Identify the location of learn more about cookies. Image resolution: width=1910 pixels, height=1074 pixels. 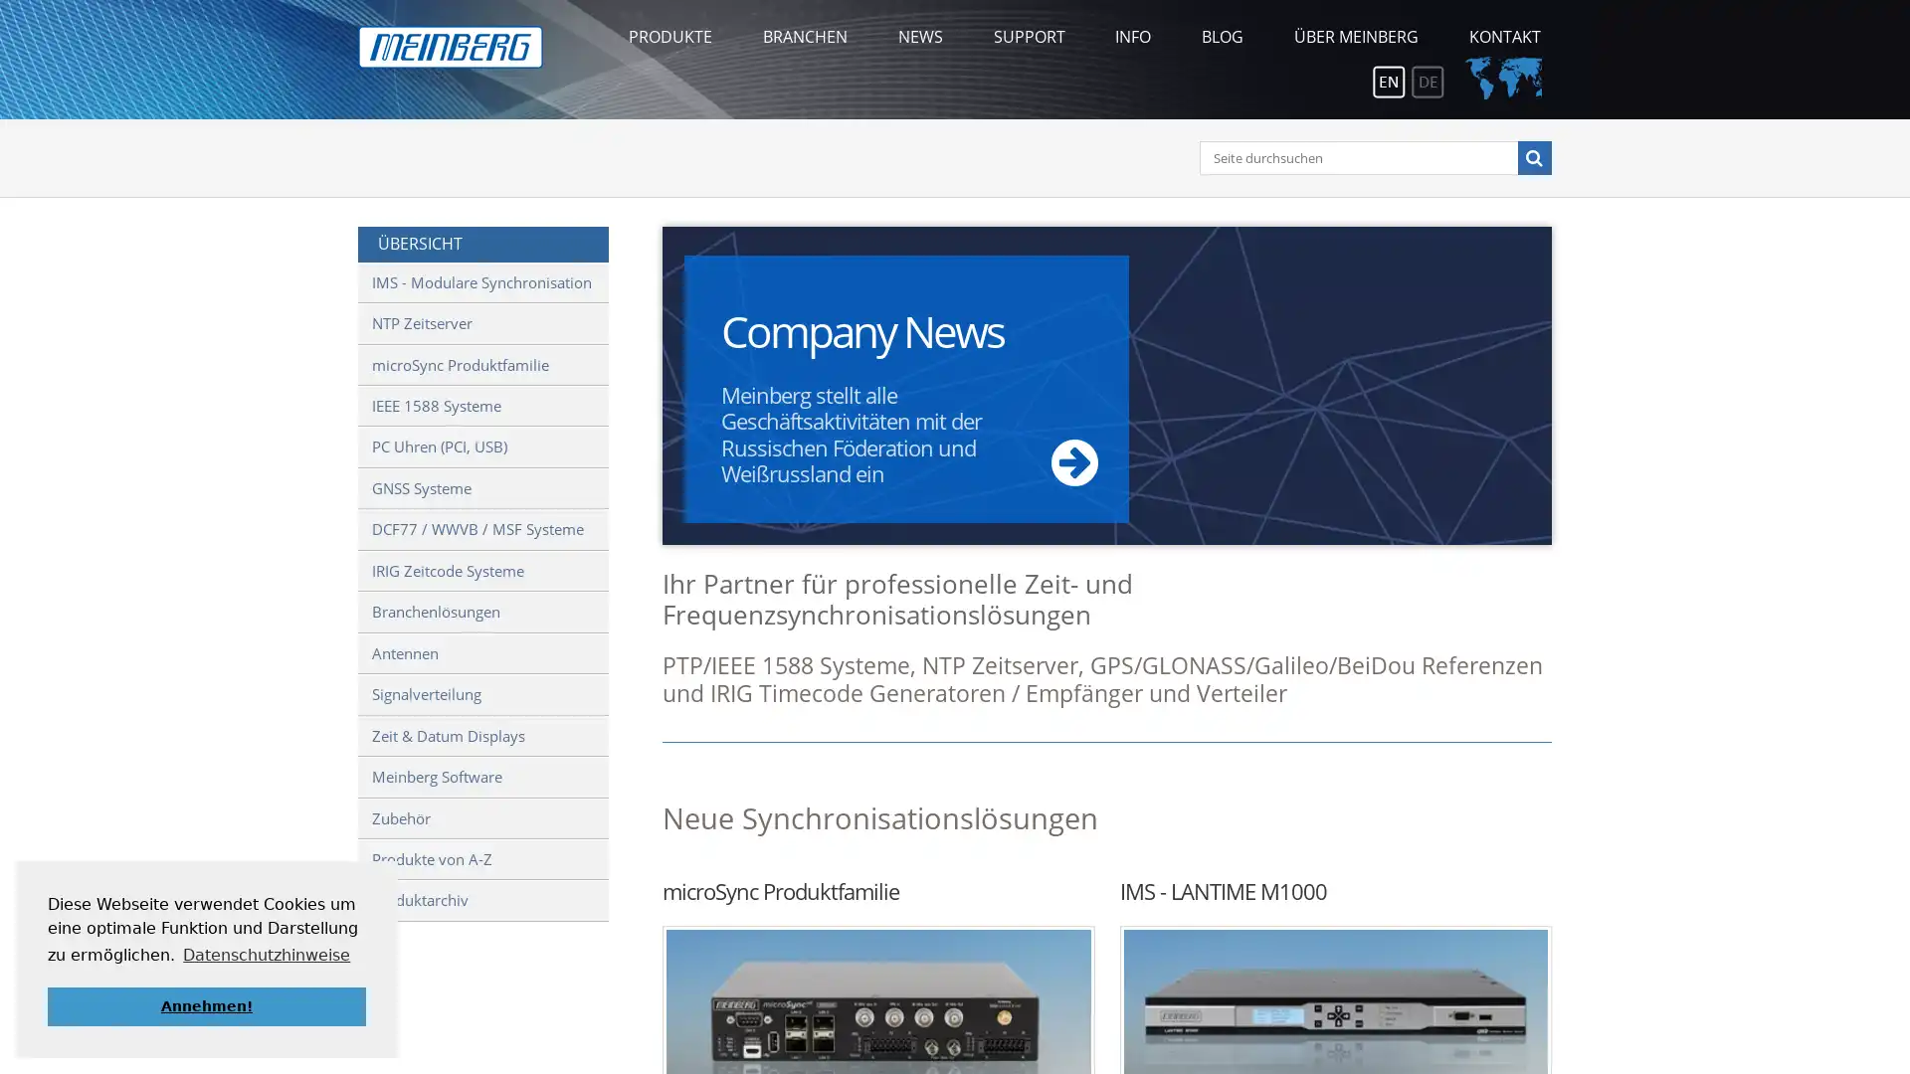
(266, 954).